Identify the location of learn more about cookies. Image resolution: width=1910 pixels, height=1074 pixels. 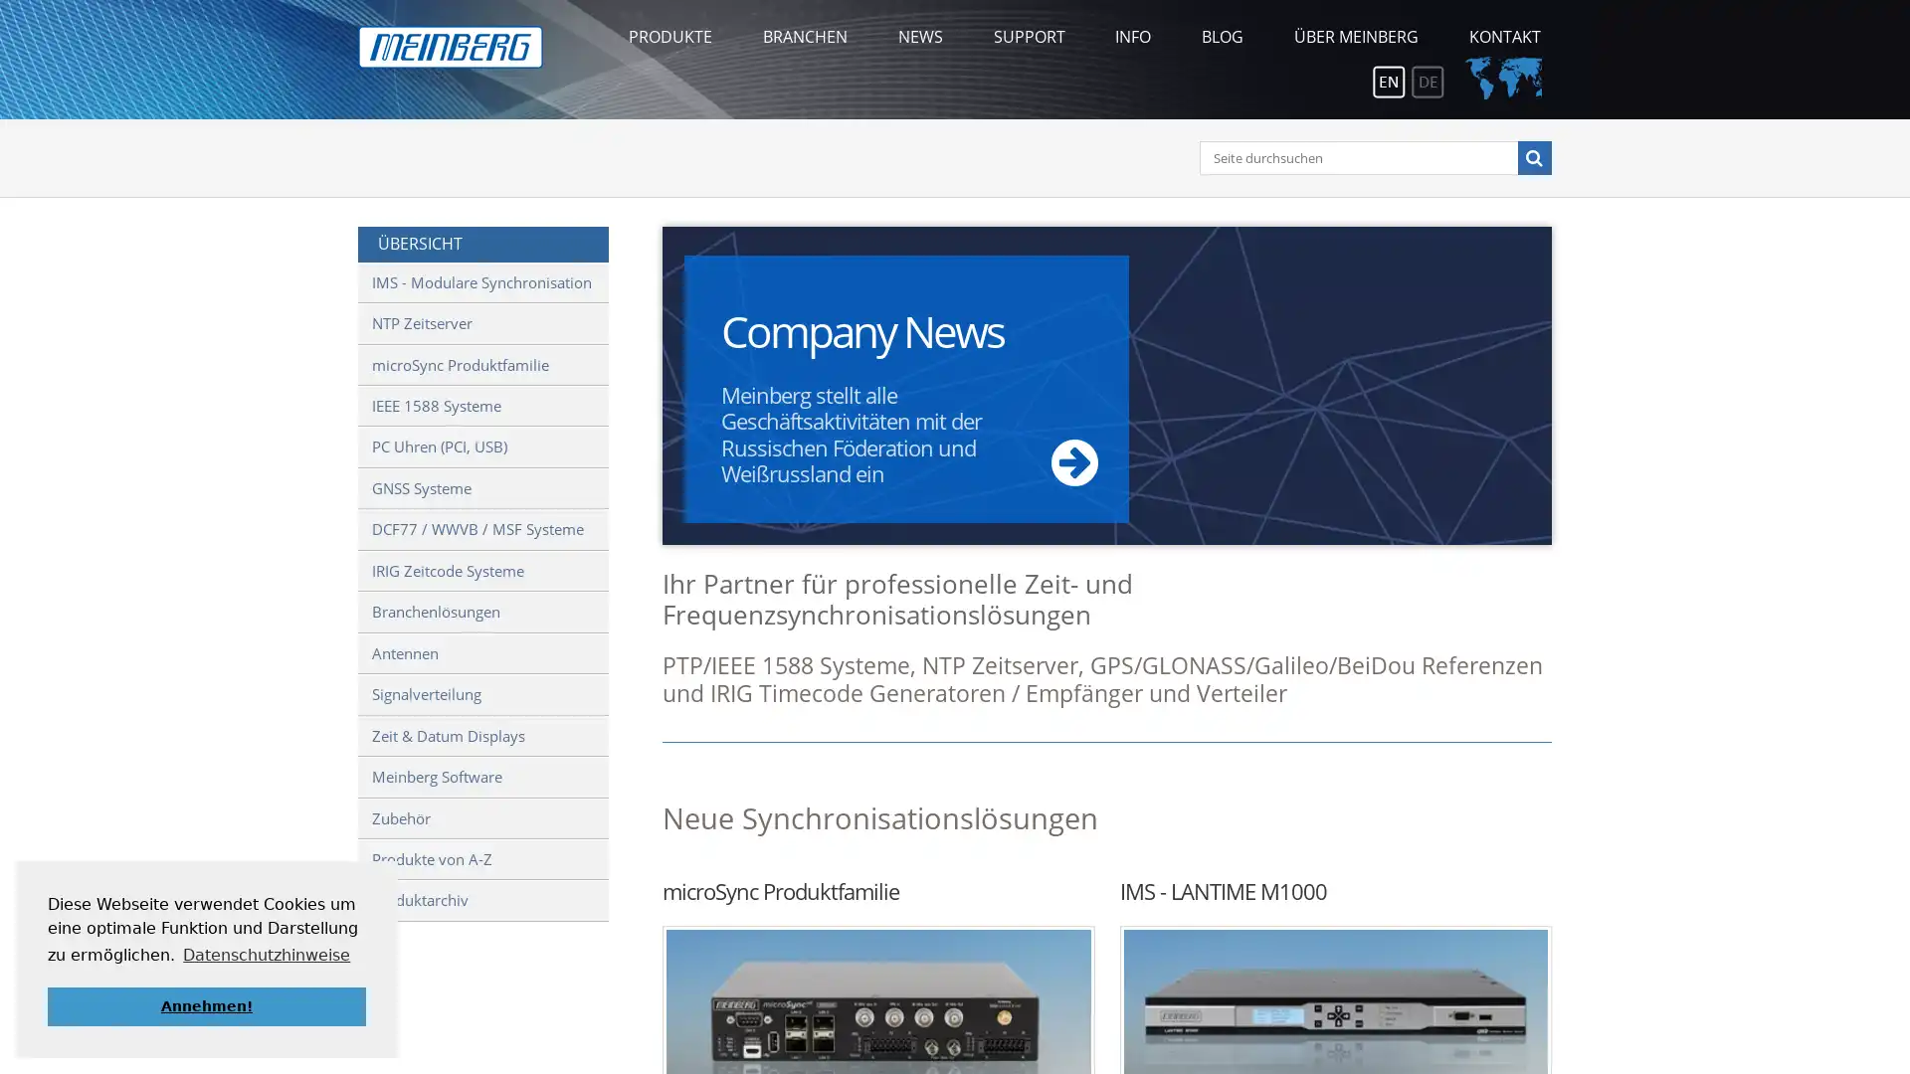
(266, 954).